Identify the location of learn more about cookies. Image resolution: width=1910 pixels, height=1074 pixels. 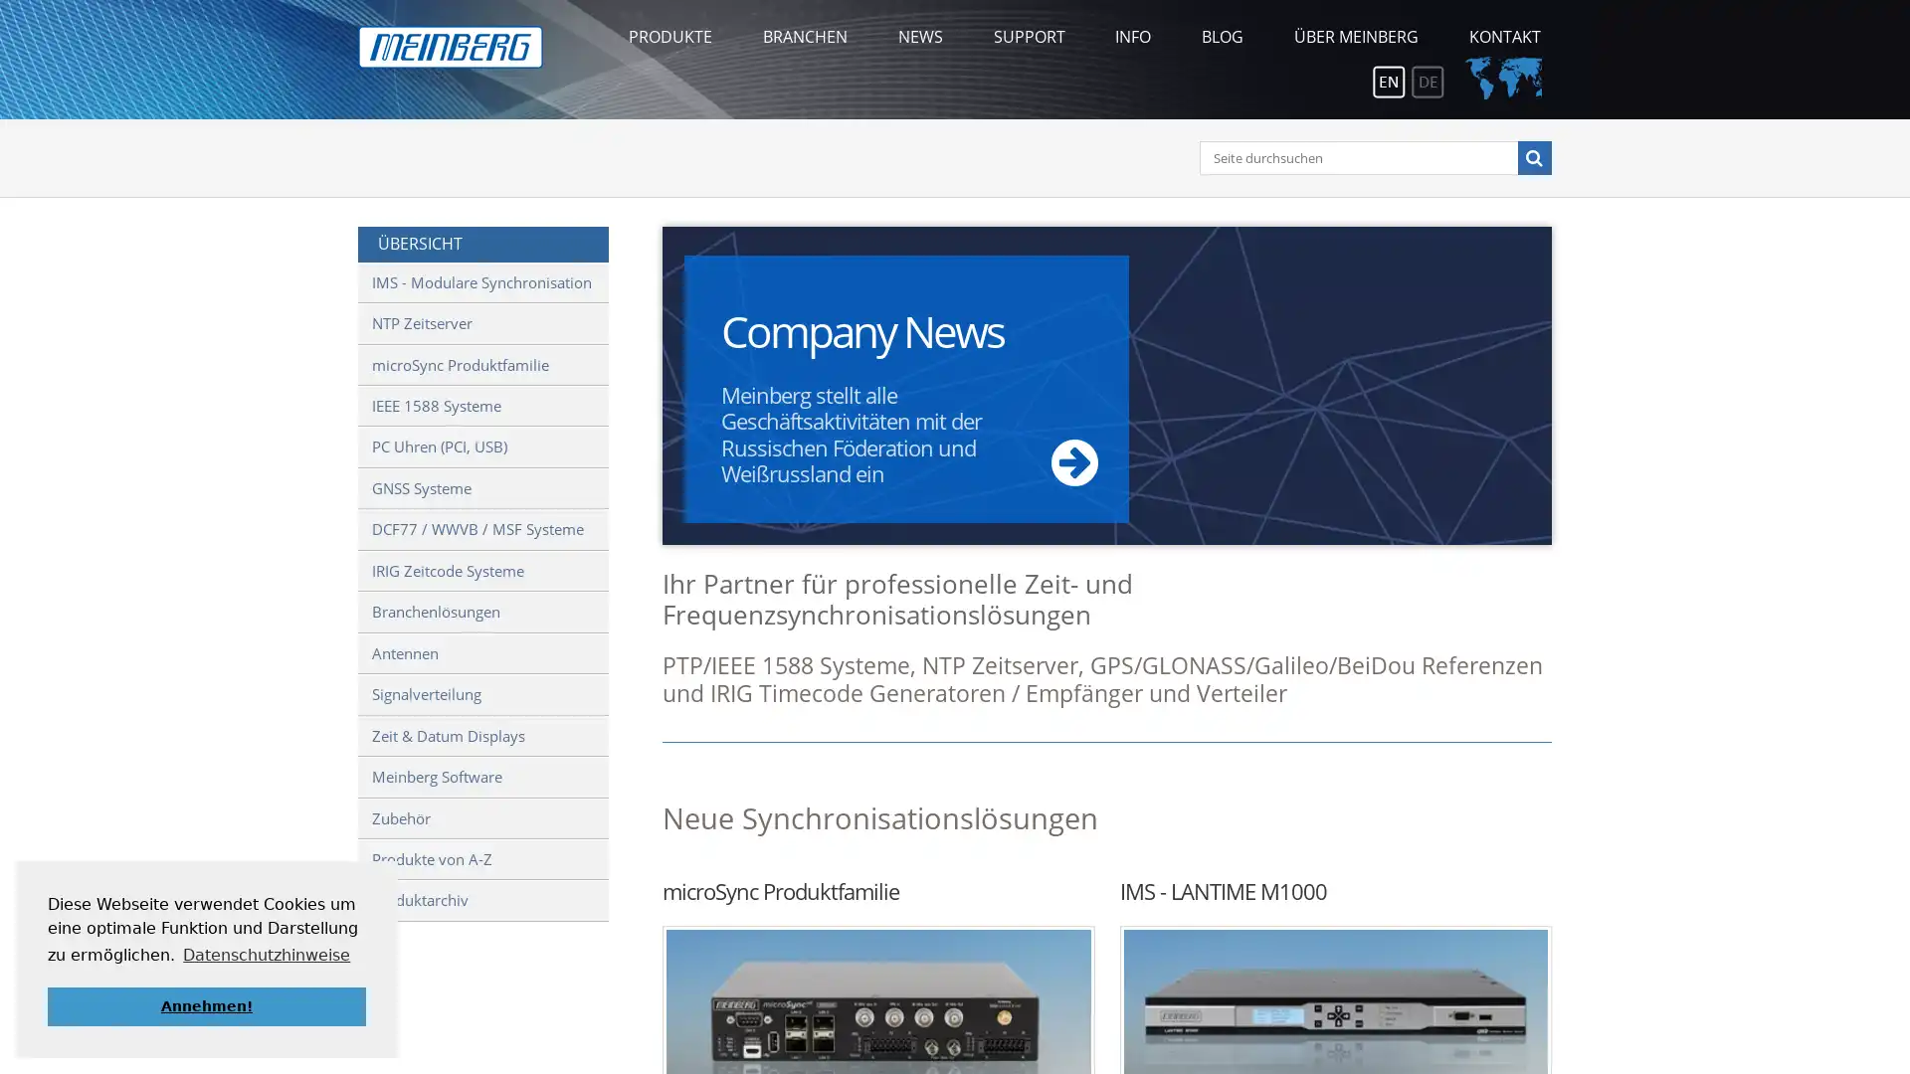
(266, 954).